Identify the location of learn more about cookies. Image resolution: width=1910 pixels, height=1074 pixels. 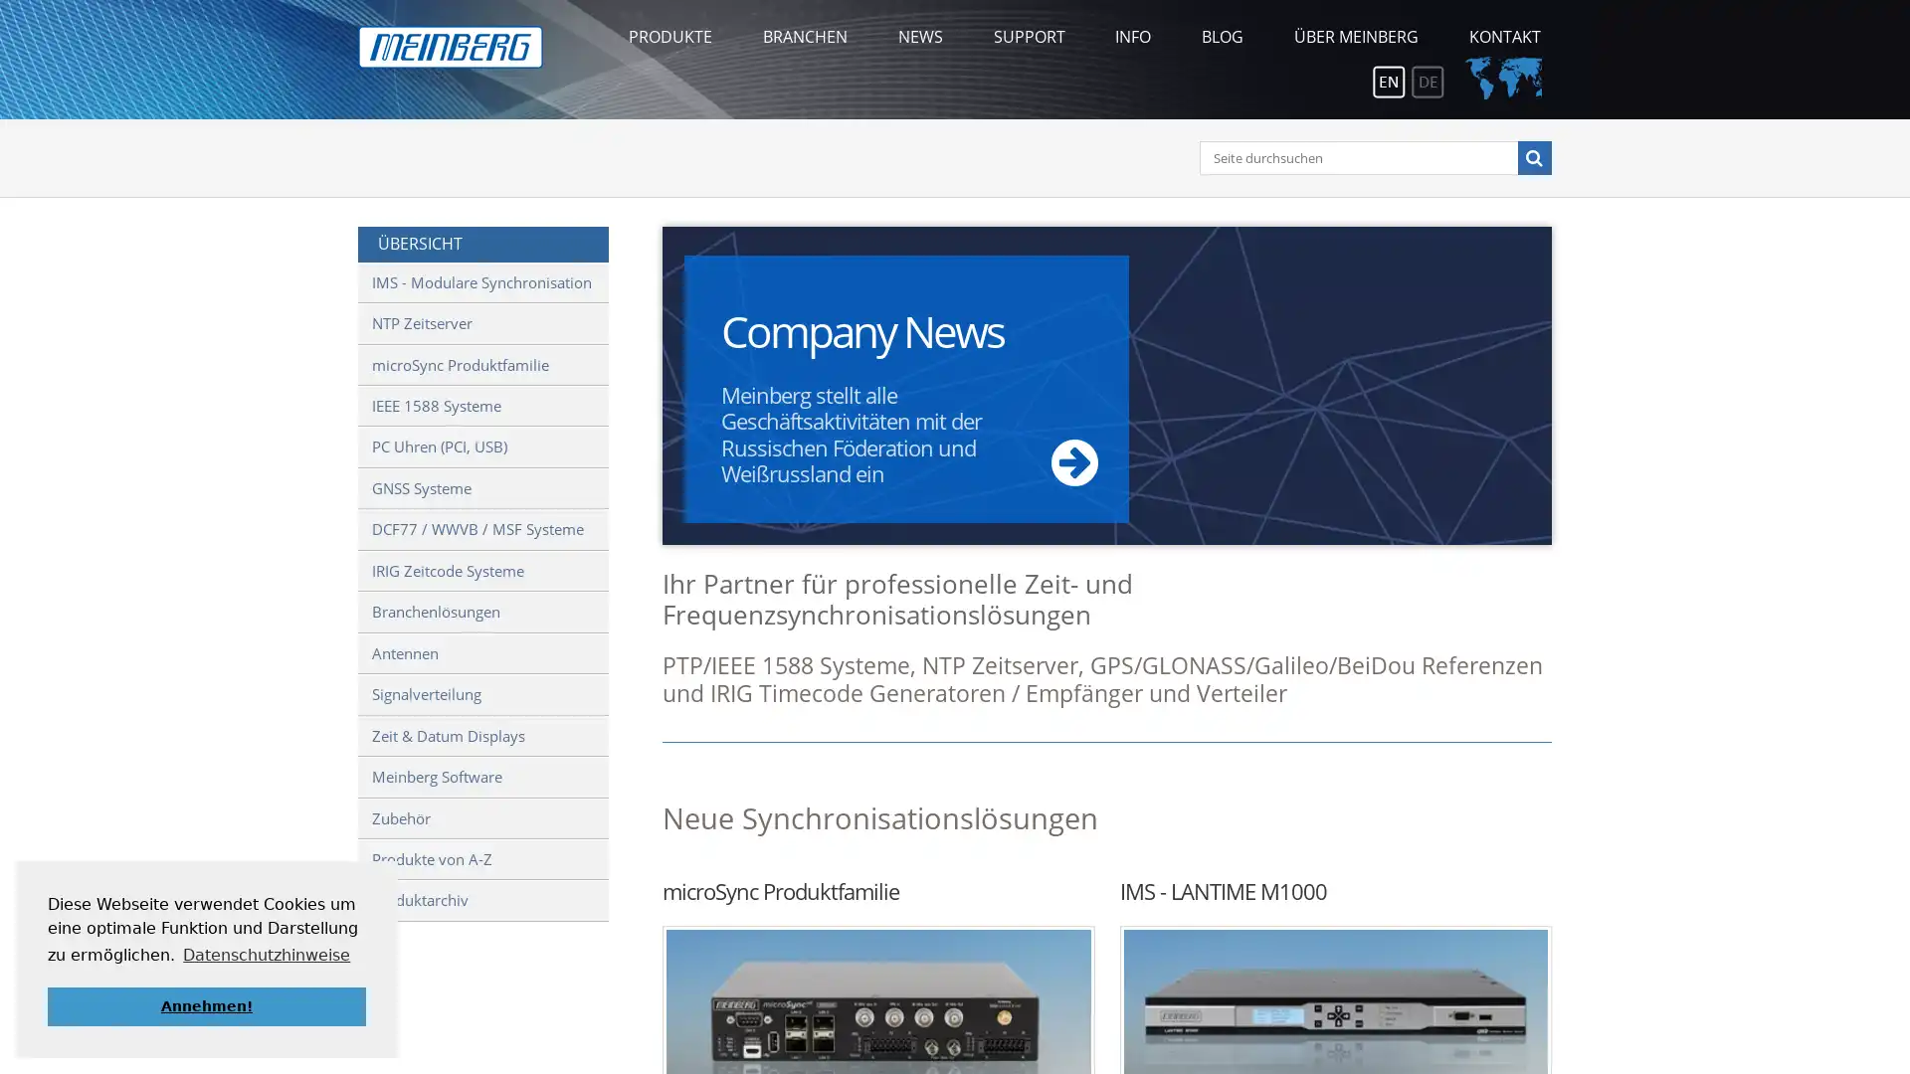
(266, 954).